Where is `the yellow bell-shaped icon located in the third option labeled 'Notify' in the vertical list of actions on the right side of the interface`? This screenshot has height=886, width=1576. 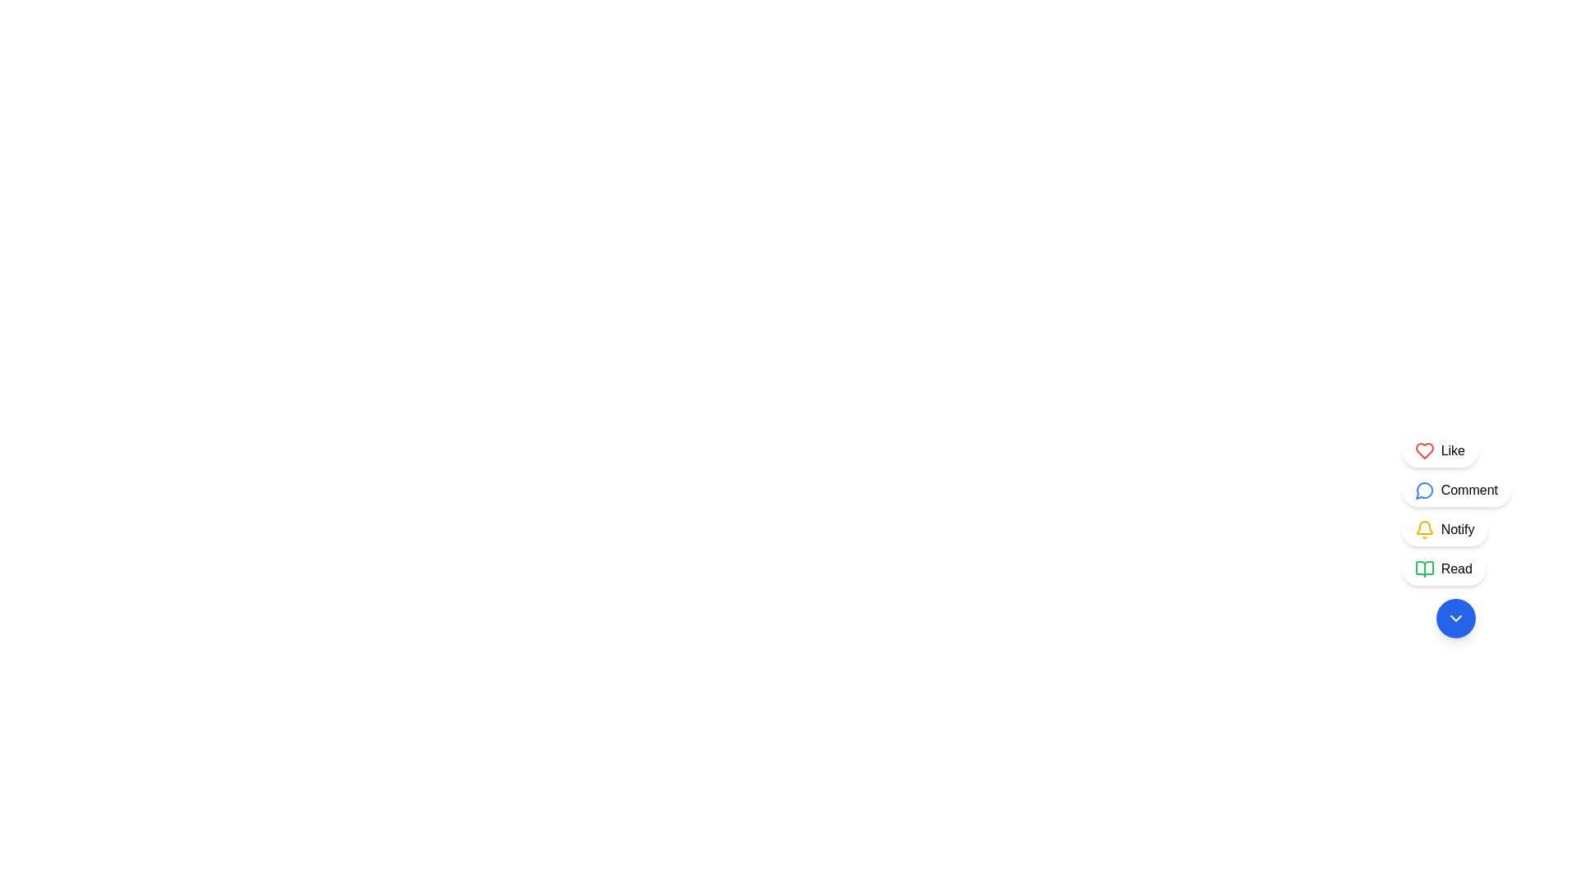
the yellow bell-shaped icon located in the third option labeled 'Notify' in the vertical list of actions on the right side of the interface is located at coordinates (1423, 529).